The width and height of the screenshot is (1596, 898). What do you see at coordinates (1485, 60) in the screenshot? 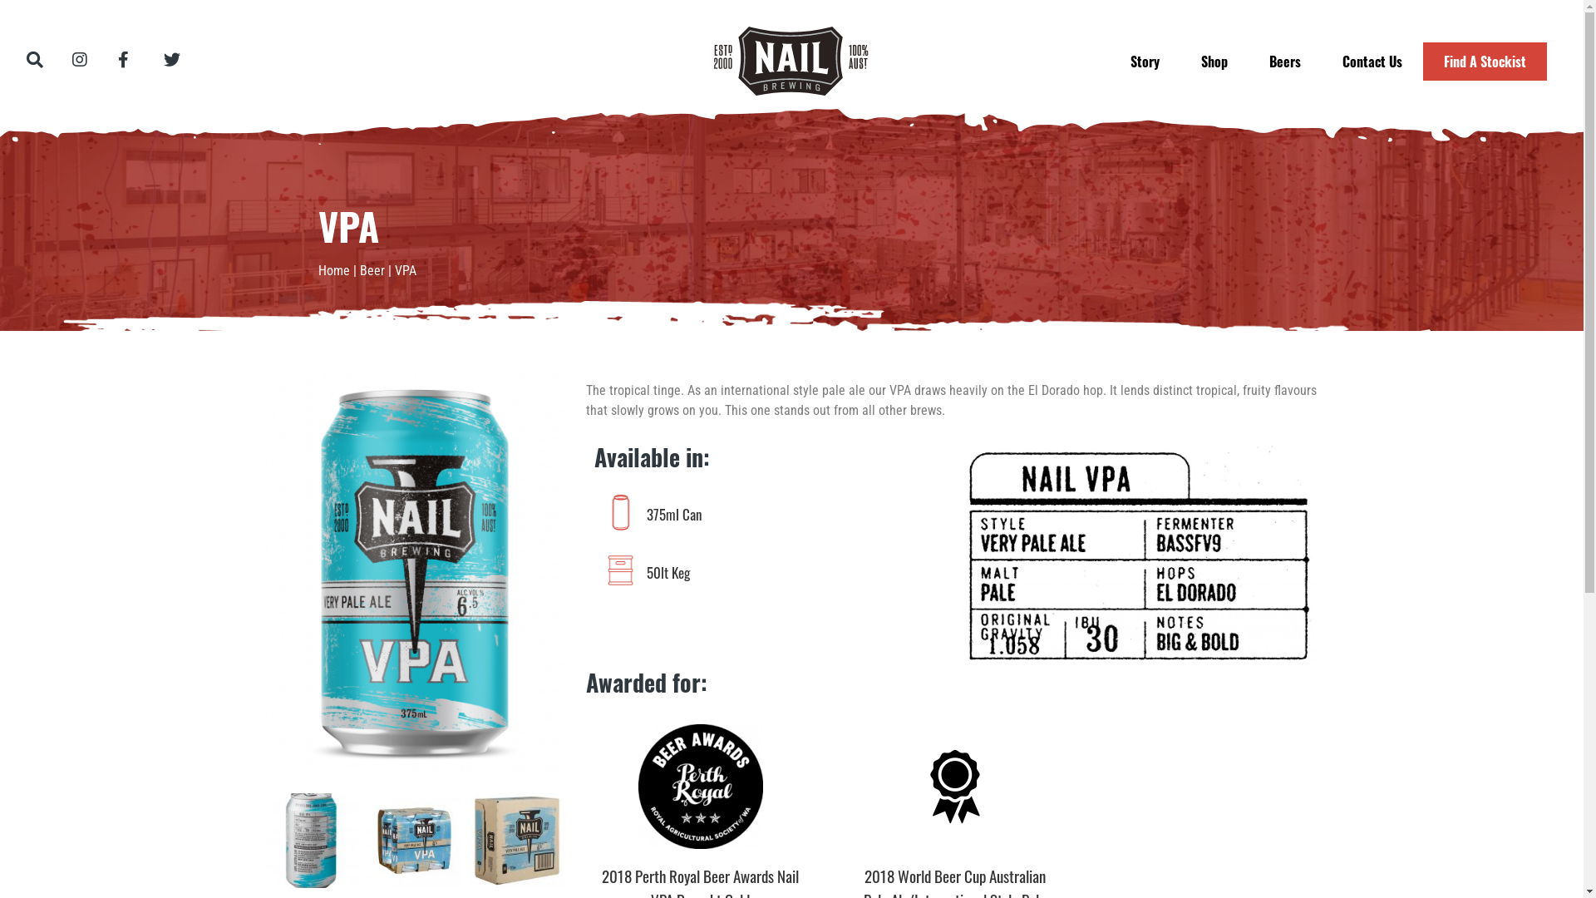
I see `'Find A Stockist'` at bounding box center [1485, 60].